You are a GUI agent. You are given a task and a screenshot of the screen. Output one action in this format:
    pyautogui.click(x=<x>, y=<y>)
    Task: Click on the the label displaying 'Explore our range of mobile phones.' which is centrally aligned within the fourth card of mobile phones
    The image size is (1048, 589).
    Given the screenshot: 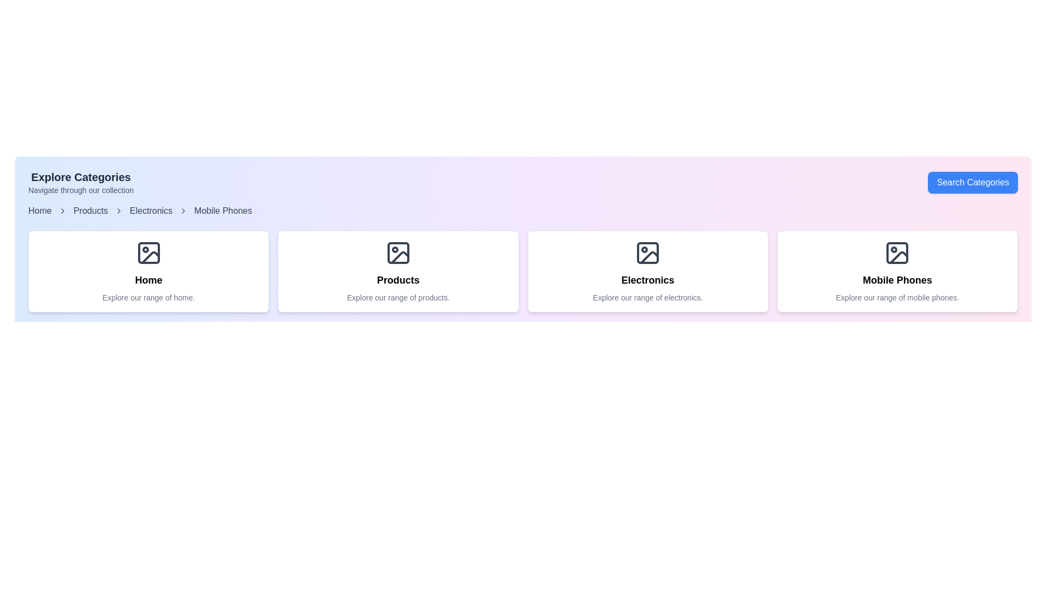 What is the action you would take?
    pyautogui.click(x=897, y=298)
    